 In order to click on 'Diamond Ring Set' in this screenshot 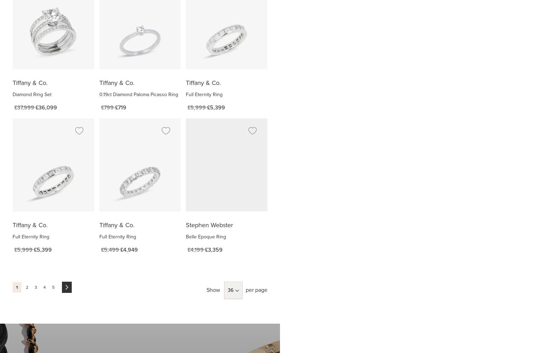, I will do `click(31, 94)`.